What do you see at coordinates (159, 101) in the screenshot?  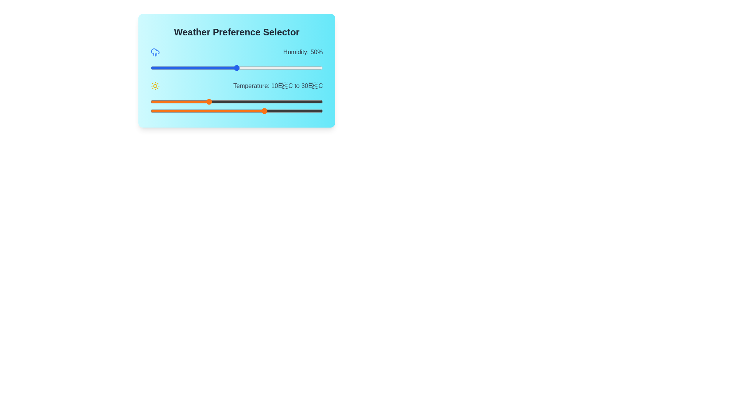 I see `the minimum temperature preference to -7°C using the first orange slider` at bounding box center [159, 101].